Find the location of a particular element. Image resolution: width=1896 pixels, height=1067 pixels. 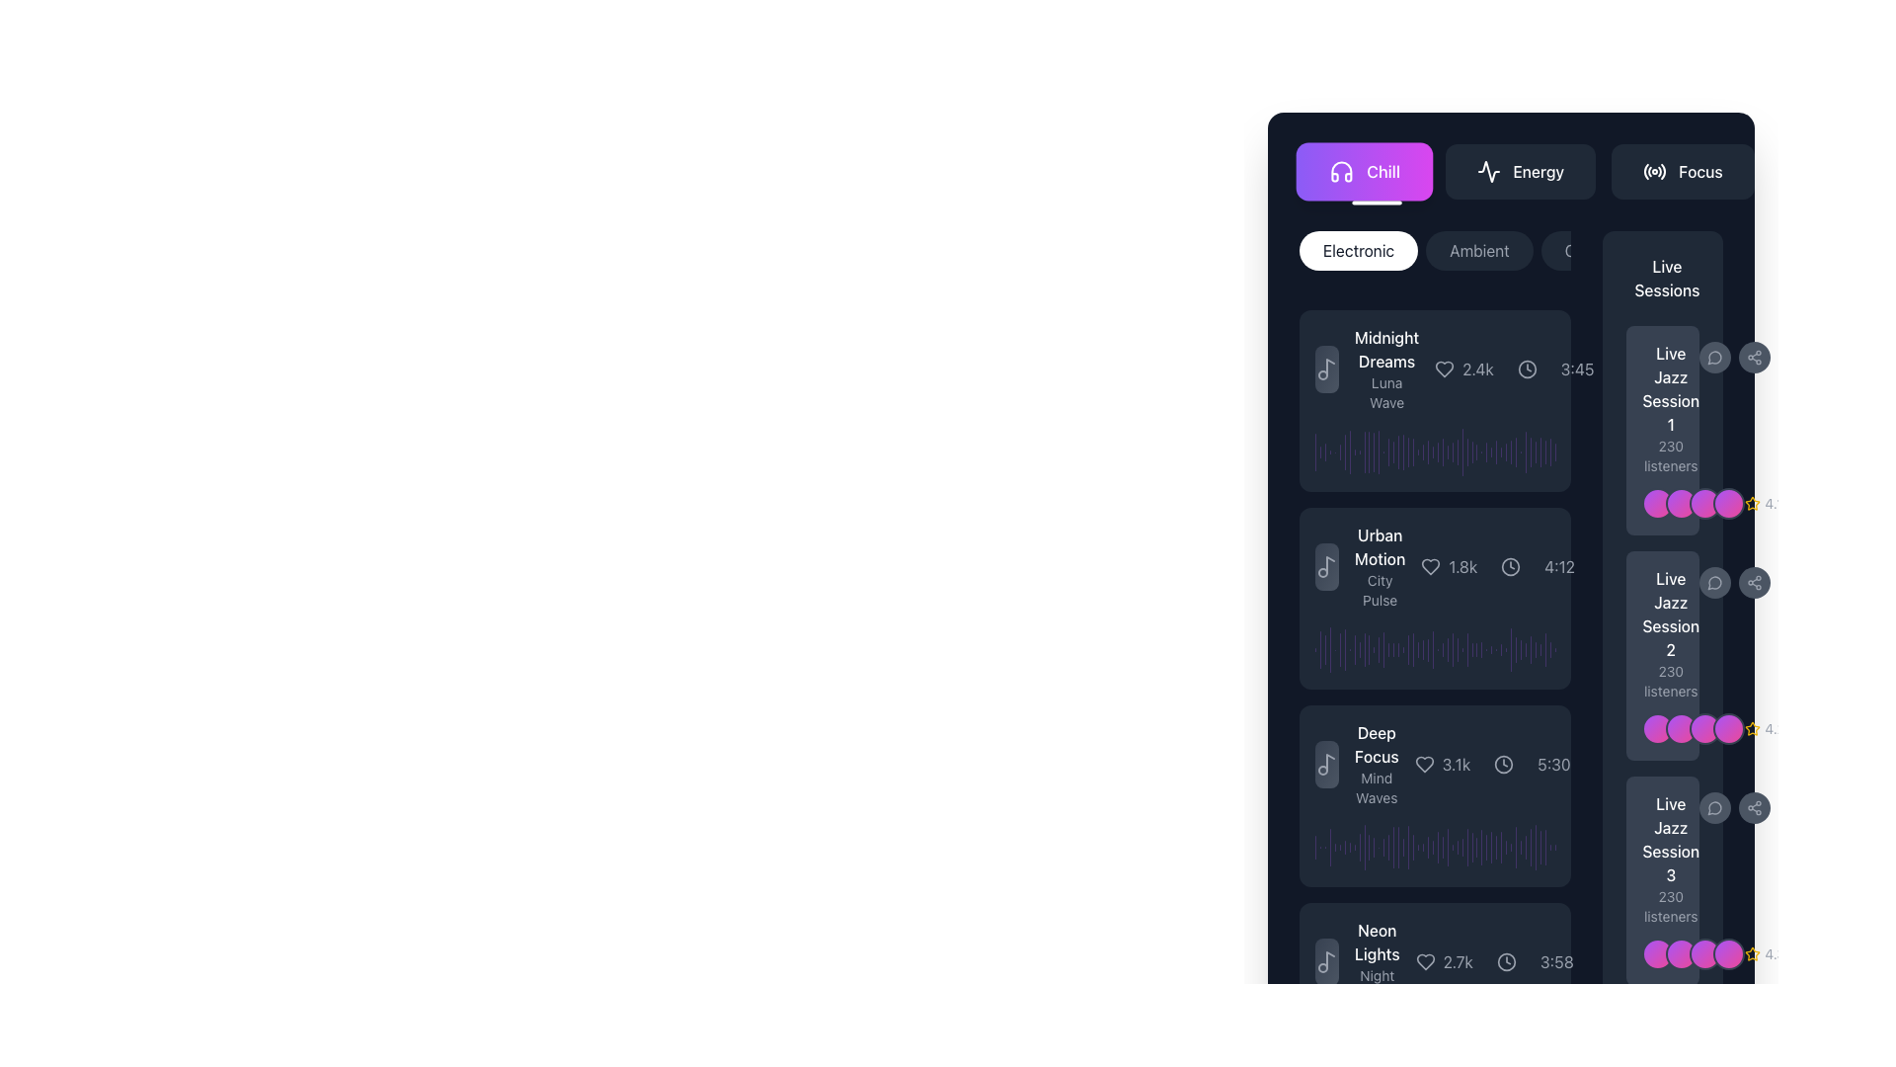

the Static text display showing 'Live Jazz Session 3' with '230 listeners' below it, located on the right side of the UI is located at coordinates (1662, 859).